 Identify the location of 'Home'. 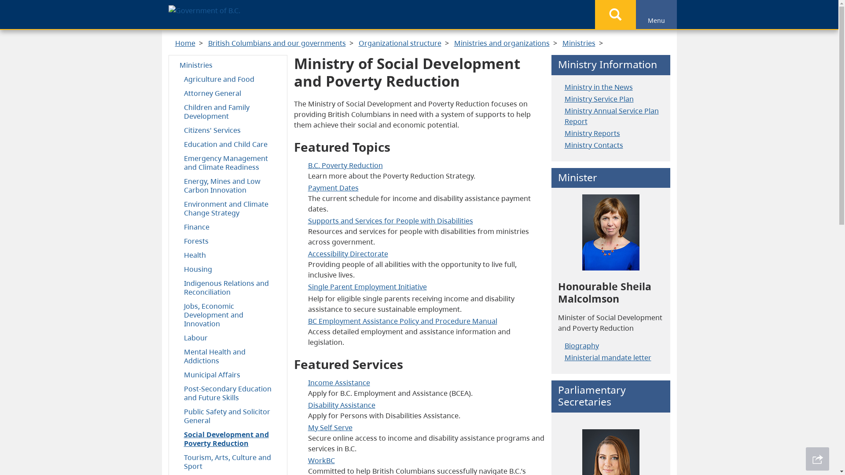
(185, 43).